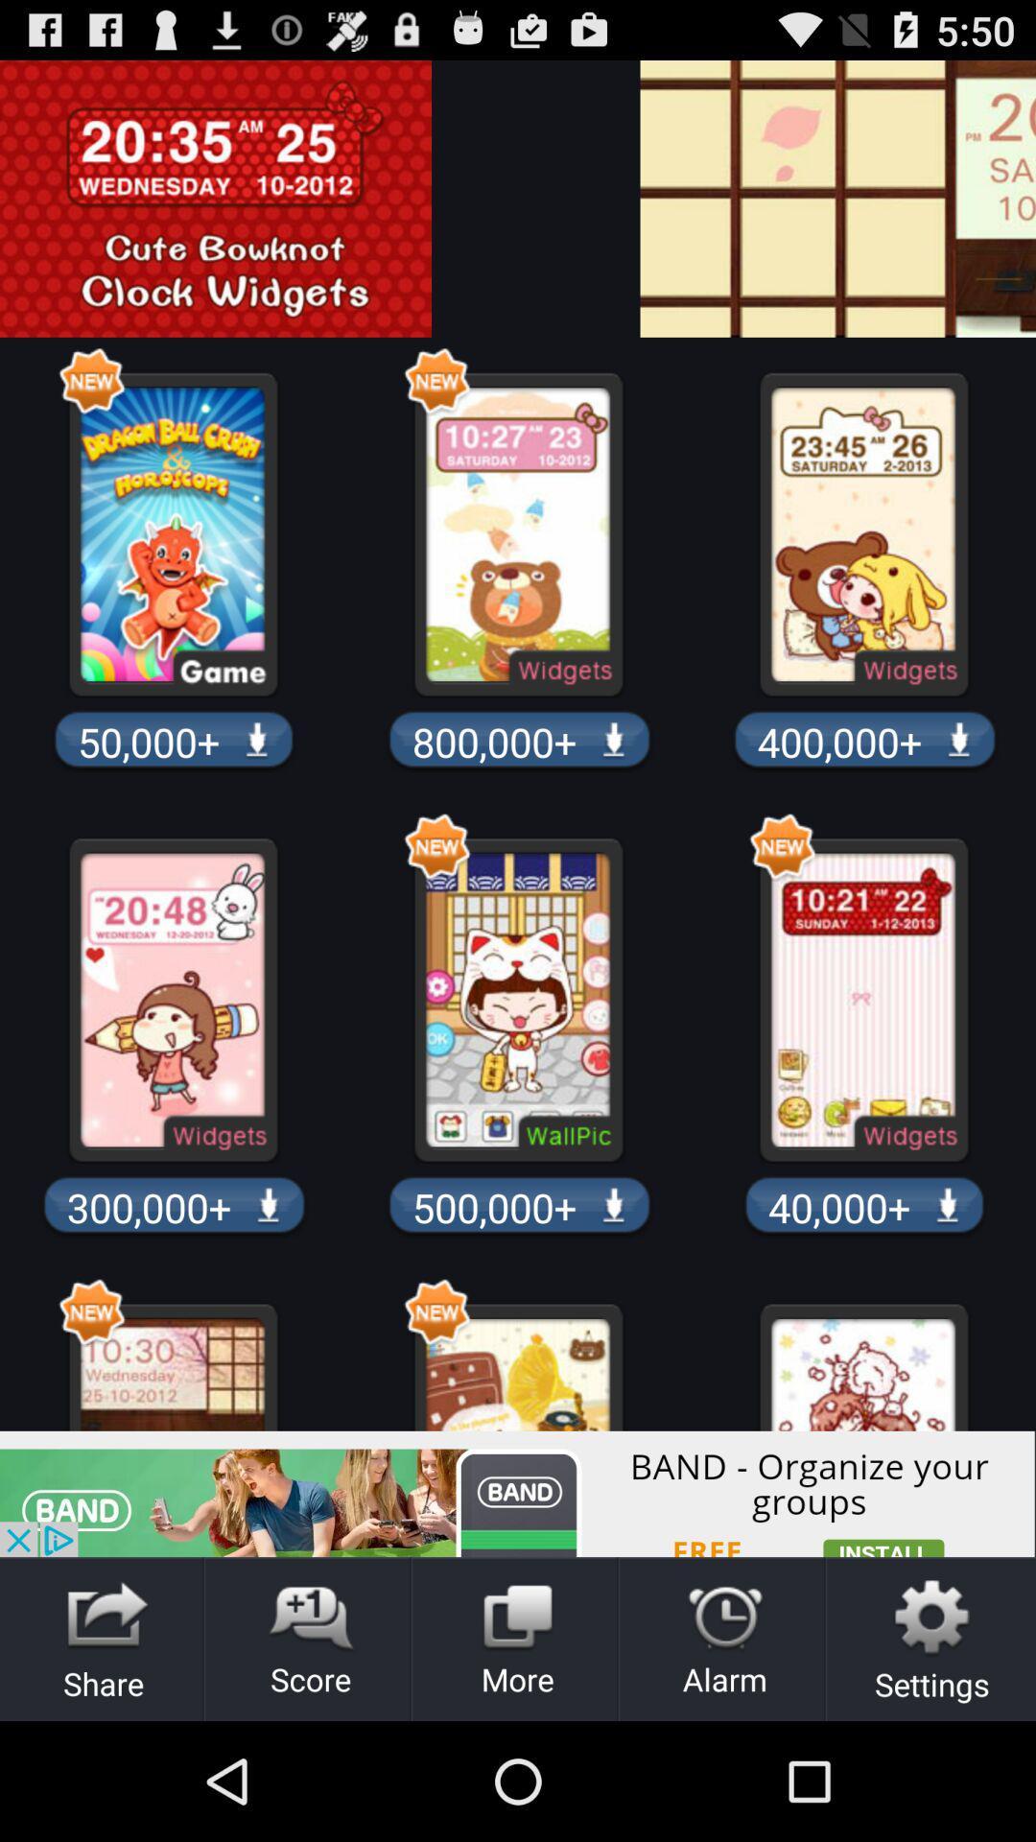 This screenshot has height=1842, width=1036. I want to click on the advertising page, so click(1021, 199).